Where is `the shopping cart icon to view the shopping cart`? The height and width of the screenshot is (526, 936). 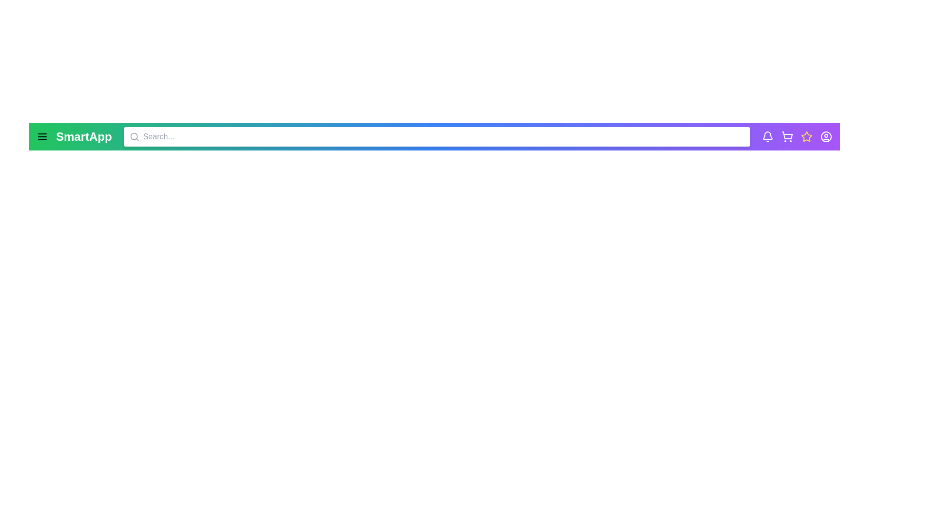
the shopping cart icon to view the shopping cart is located at coordinates (787, 137).